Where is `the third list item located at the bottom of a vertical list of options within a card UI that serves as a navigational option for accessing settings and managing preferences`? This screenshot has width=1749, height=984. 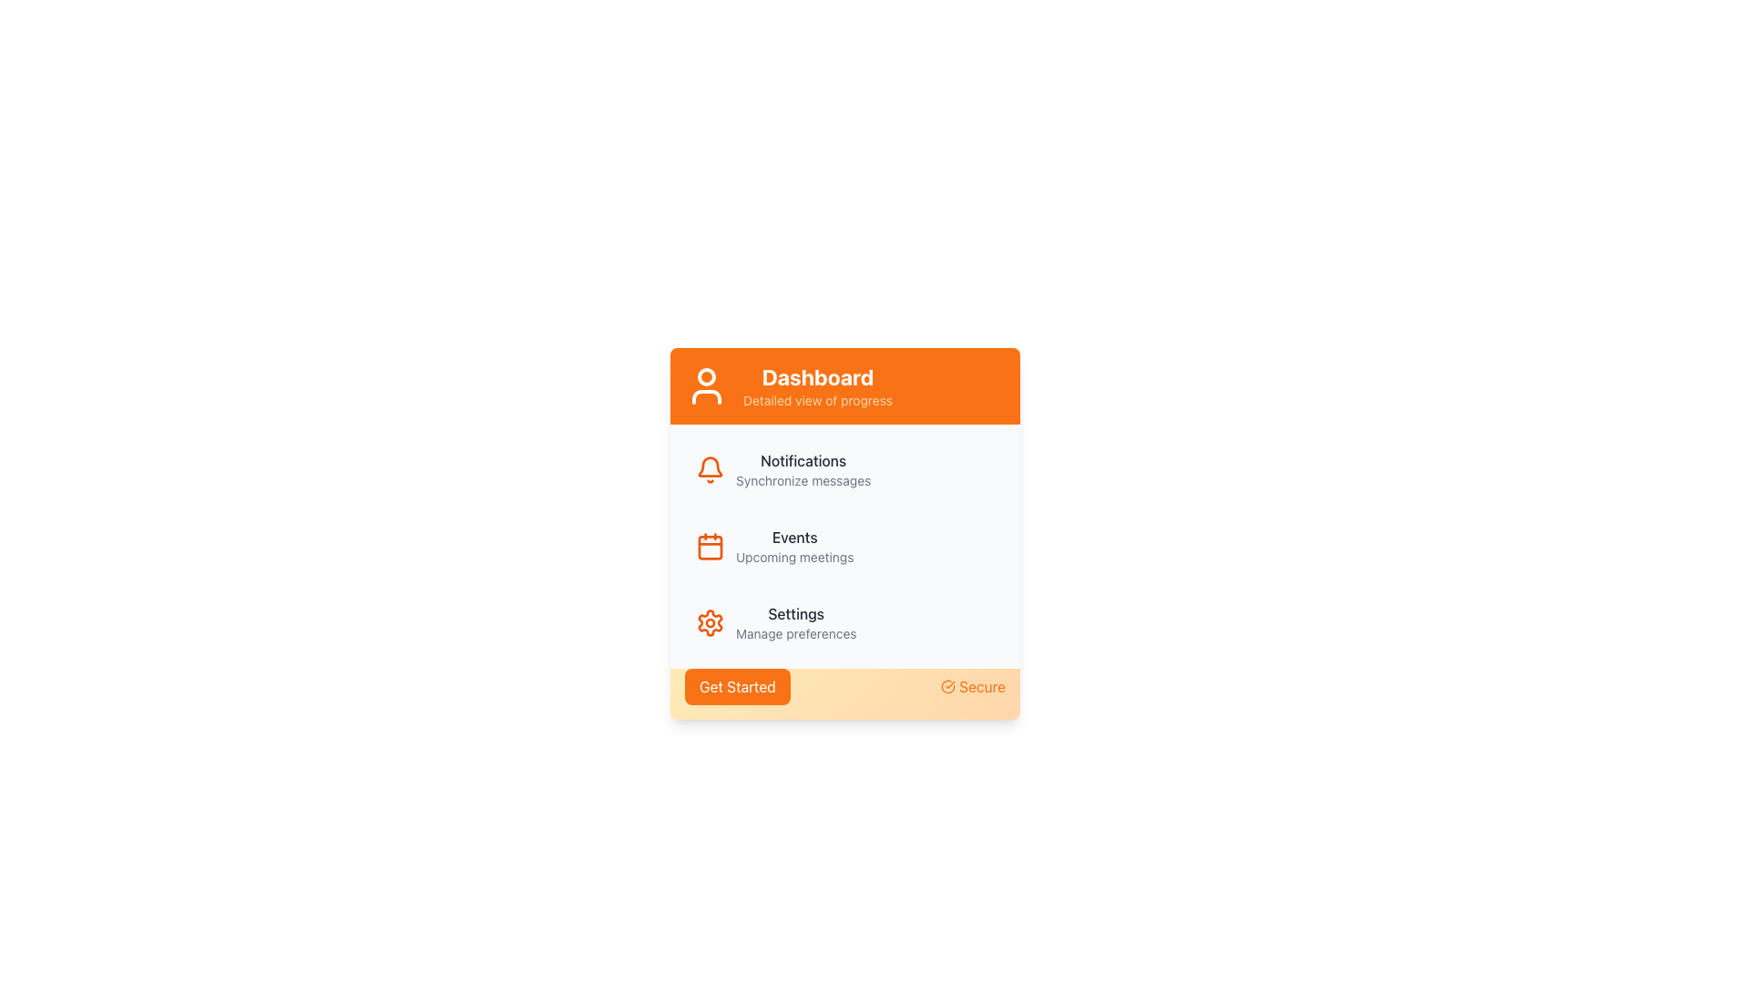
the third list item located at the bottom of a vertical list of options within a card UI that serves as a navigational option for accessing settings and managing preferences is located at coordinates (844, 621).